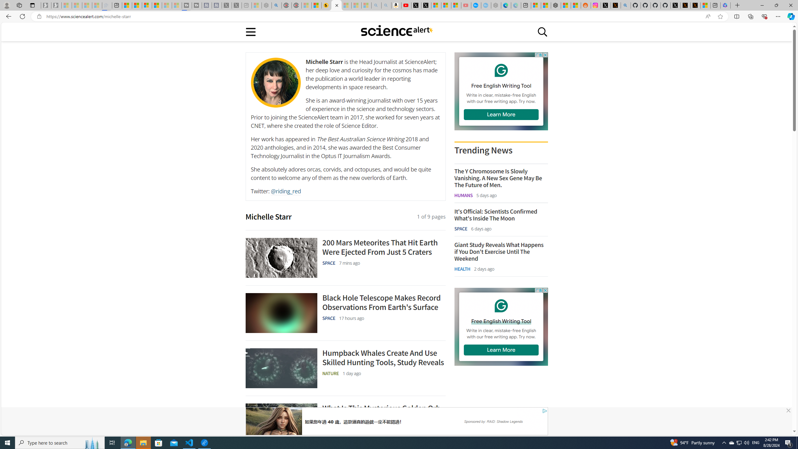 This screenshot has height=449, width=798. What do you see at coordinates (396, 31) in the screenshot?
I see `'ScienceAlert homepage'` at bounding box center [396, 31].